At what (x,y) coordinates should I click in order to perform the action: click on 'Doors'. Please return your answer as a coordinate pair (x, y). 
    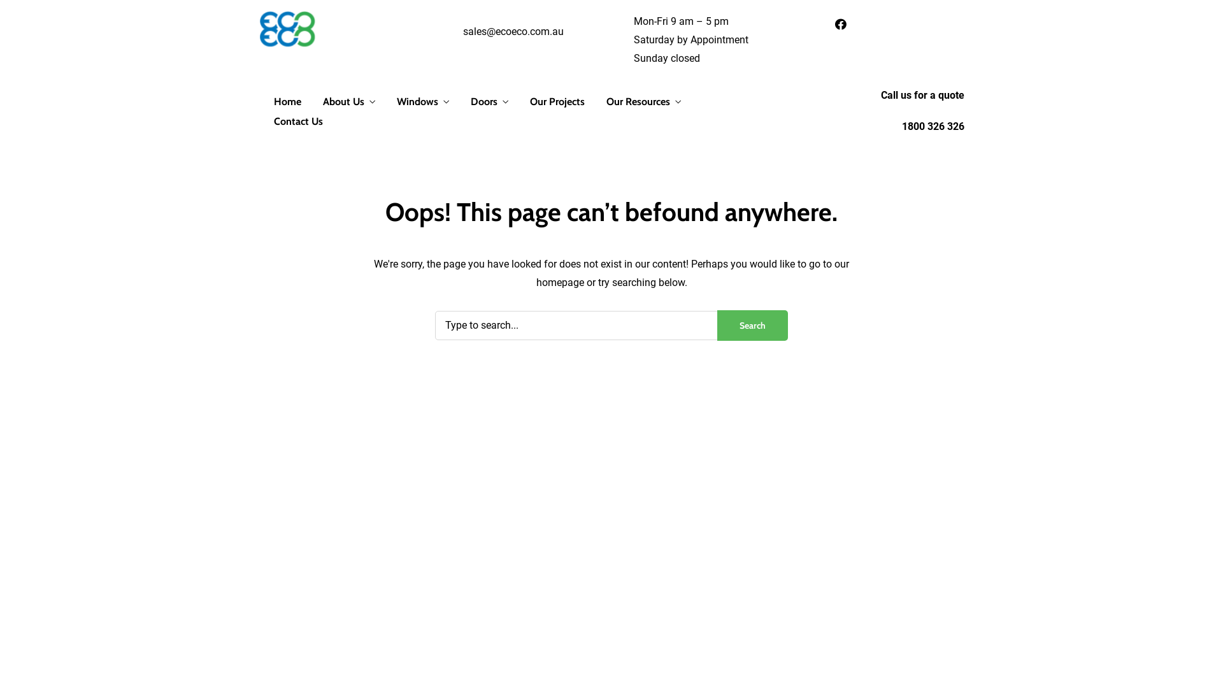
    Looking at the image, I should click on (489, 102).